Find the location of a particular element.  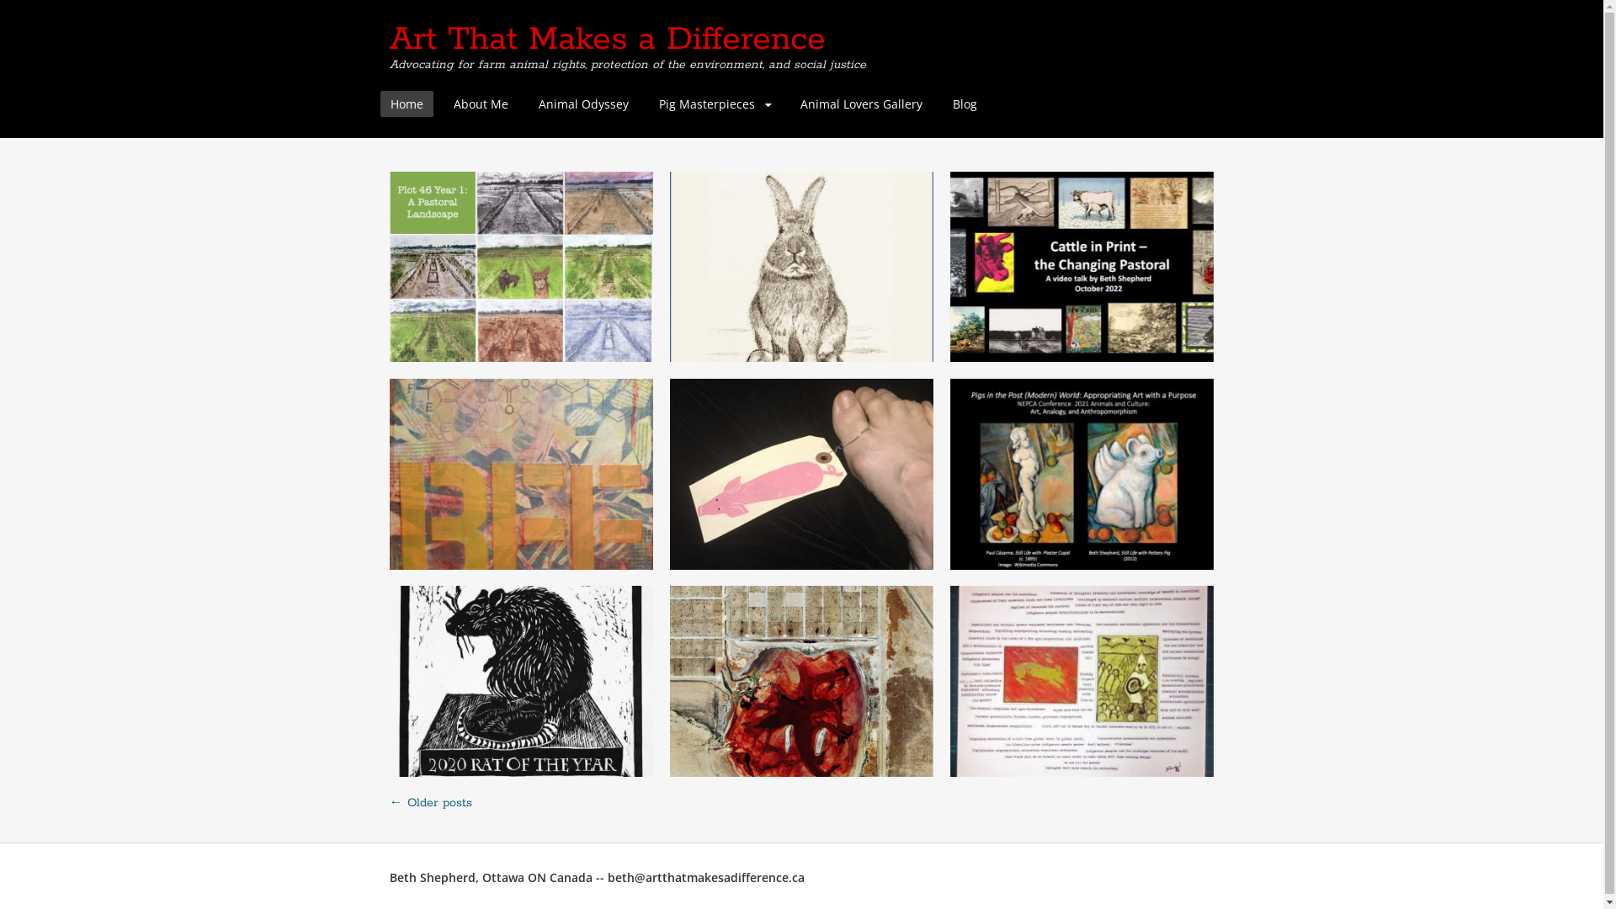

'Blog' is located at coordinates (965, 104).